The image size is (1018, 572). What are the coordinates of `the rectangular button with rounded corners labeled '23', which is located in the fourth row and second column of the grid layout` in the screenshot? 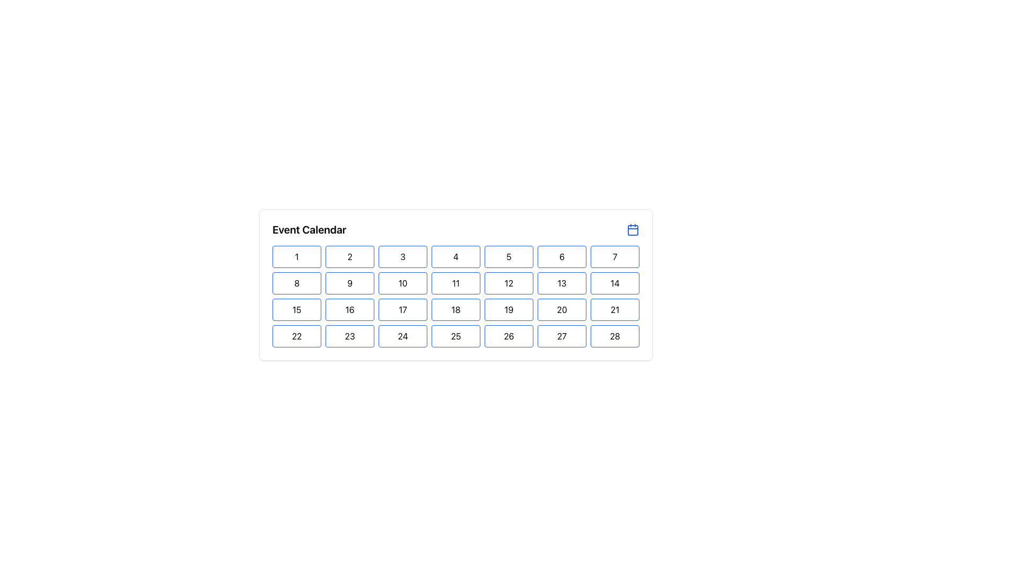 It's located at (350, 336).